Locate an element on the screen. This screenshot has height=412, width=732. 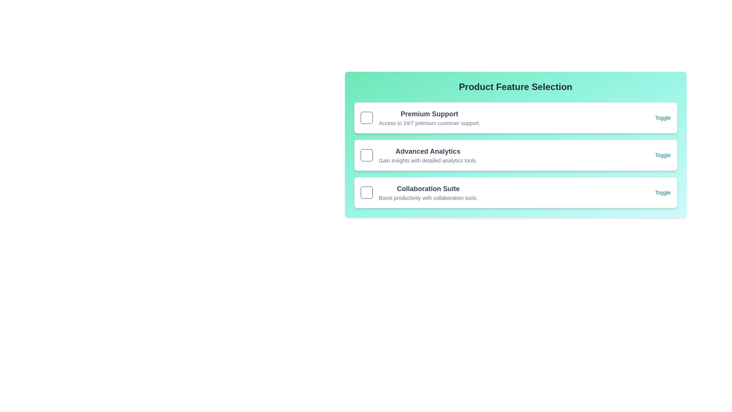
the text component stating 'Access to 24/7 premium customer support.' which is styled with 'text-sm text-gray-500' and positioned below the 'Premium Support' header is located at coordinates (429, 123).